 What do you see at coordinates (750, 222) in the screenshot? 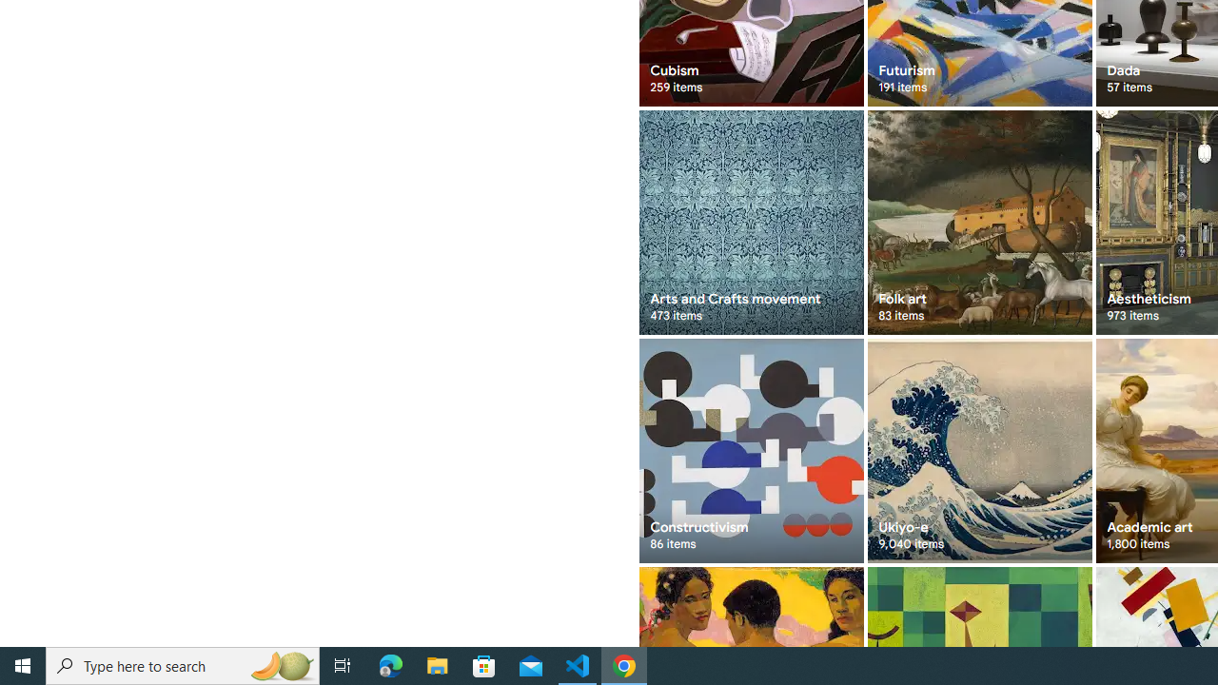
I see `'Arts and Crafts movement 473 items'` at bounding box center [750, 222].